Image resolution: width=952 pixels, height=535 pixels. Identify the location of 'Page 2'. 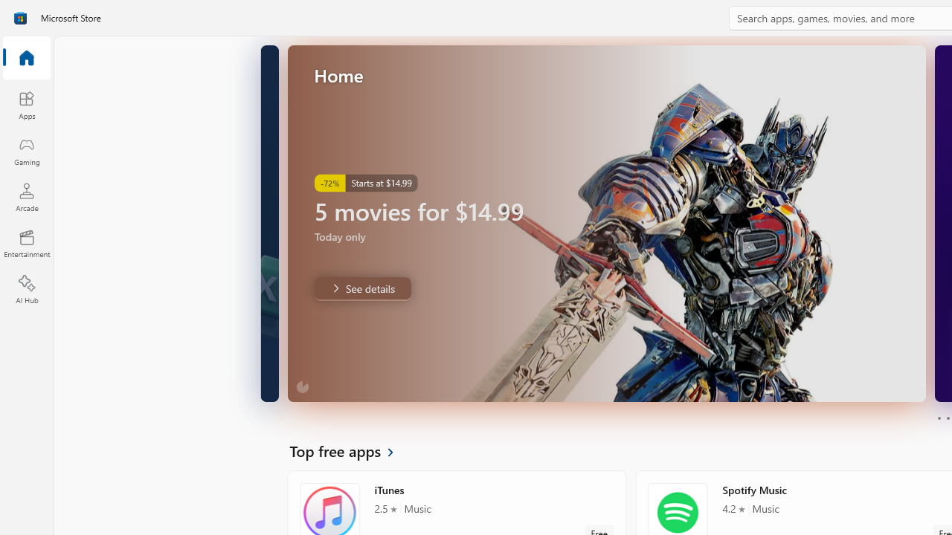
(947, 418).